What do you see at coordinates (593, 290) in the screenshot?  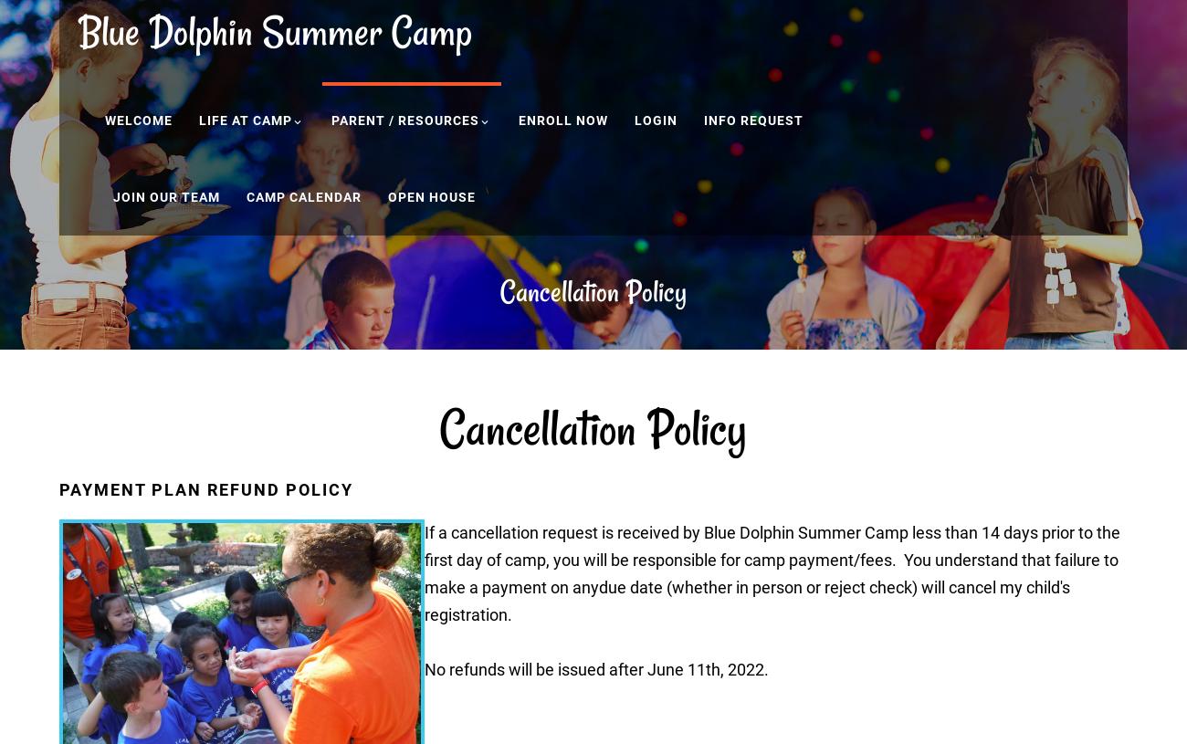 I see `'Cancellation Policy'` at bounding box center [593, 290].